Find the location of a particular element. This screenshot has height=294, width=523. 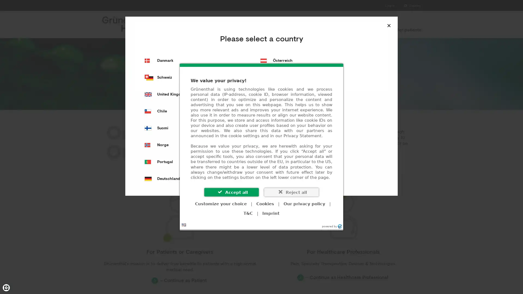

Language: en is located at coordinates (184, 225).